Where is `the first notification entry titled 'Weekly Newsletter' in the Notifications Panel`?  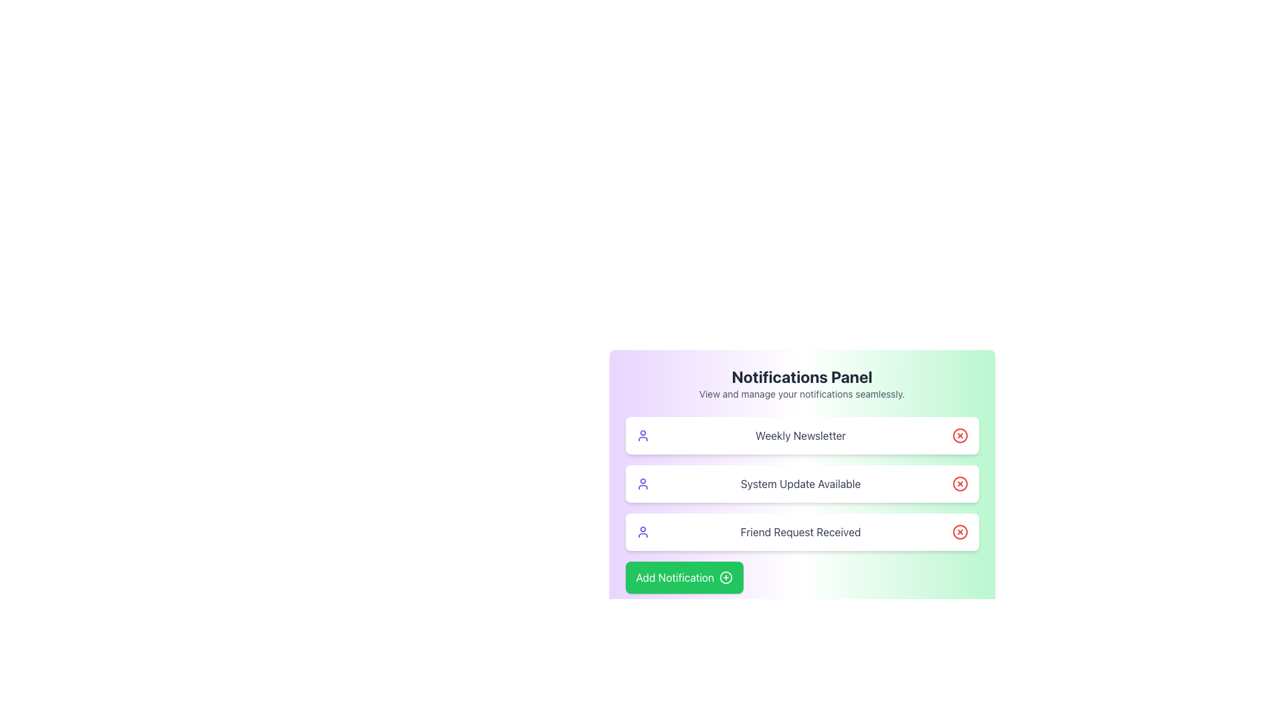 the first notification entry titled 'Weekly Newsletter' in the Notifications Panel is located at coordinates (802, 436).